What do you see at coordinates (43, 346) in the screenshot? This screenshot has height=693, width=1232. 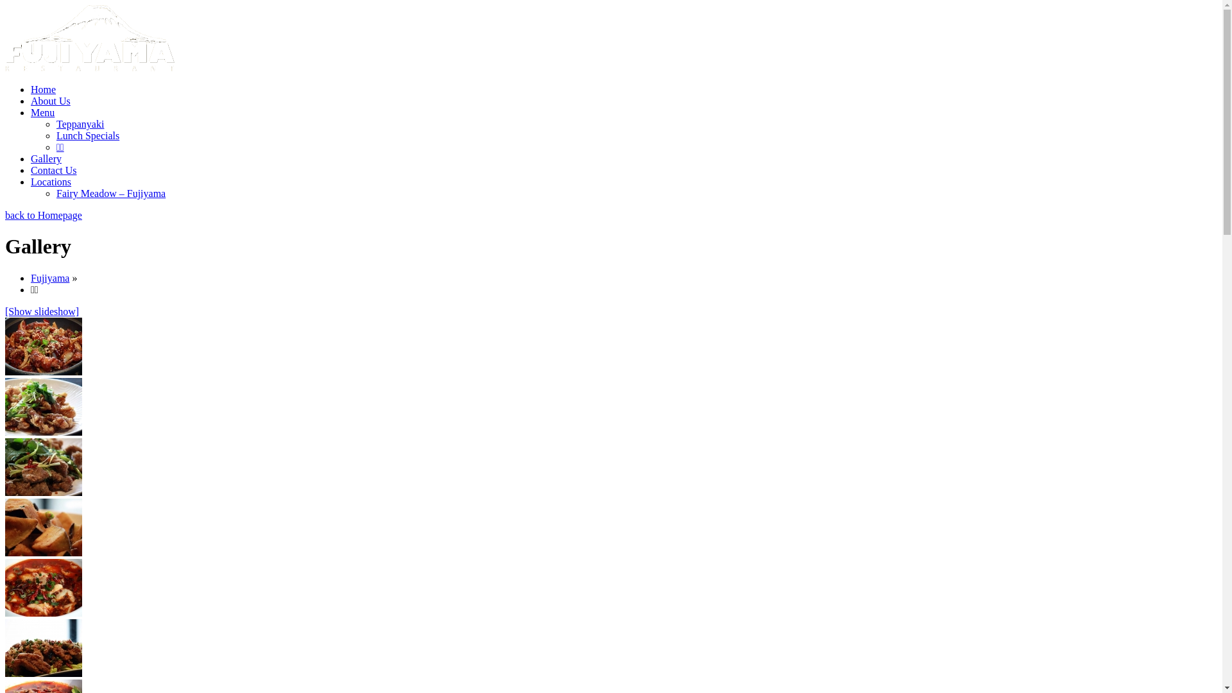 I see `'Deep-Fried-Chicken-Wings-with-Onion'` at bounding box center [43, 346].